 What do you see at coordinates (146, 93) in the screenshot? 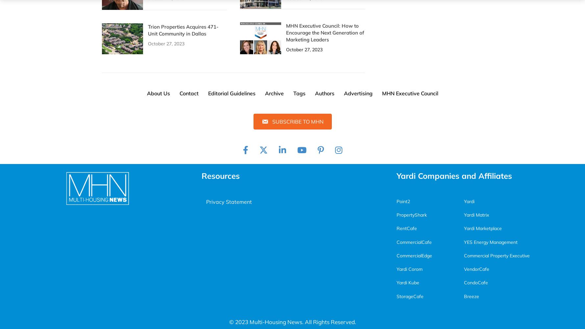
I see `'About Us'` at bounding box center [146, 93].